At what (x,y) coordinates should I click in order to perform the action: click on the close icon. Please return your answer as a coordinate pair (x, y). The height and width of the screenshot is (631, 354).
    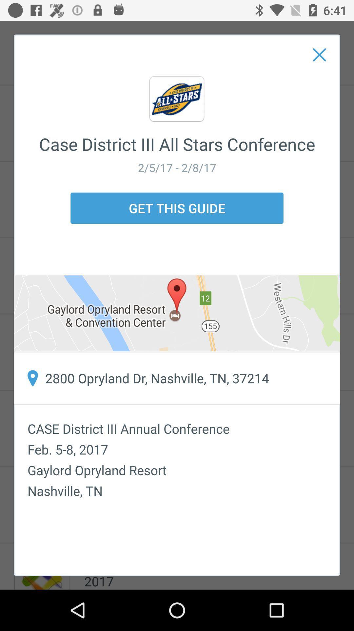
    Looking at the image, I should click on (319, 55).